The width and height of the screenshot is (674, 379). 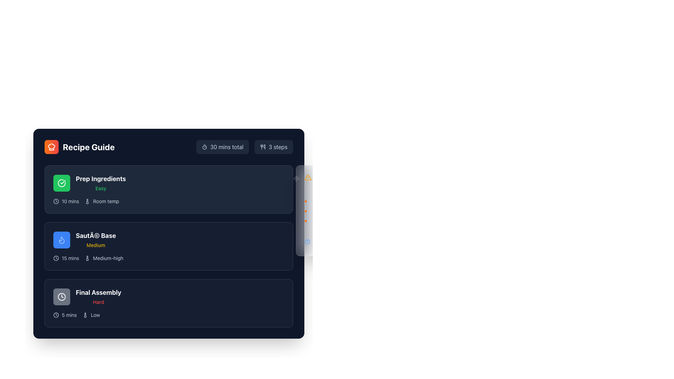 I want to click on the thermometer bar icon associated with the 'Sauté Base' list item, which visually indicates medium-high temperature levels, so click(x=87, y=258).